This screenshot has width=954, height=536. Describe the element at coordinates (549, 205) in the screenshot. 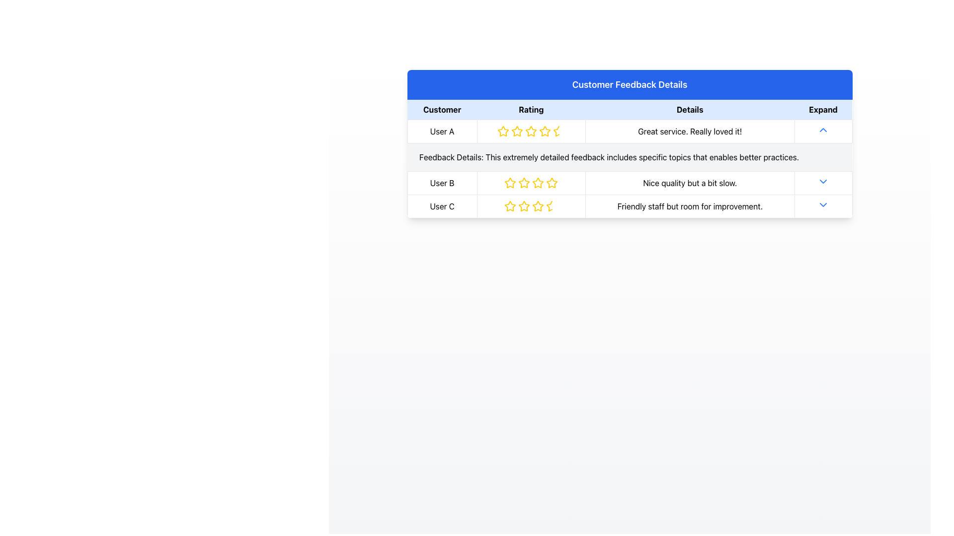

I see `the half-star icon in yellow representing the fourth star in the rating system for 'User C' located in the 'Rating' column of the table` at that location.